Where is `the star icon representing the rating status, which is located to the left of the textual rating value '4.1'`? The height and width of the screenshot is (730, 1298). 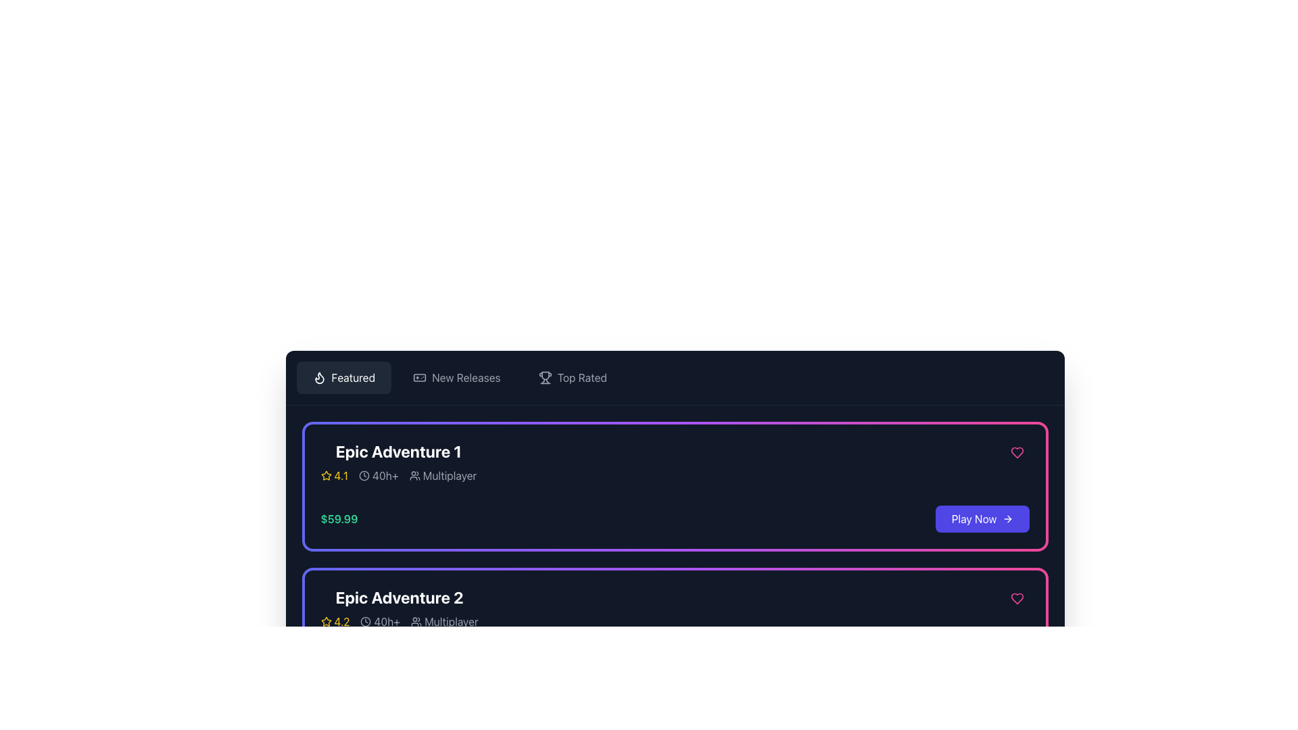
the star icon representing the rating status, which is located to the left of the textual rating value '4.1' is located at coordinates (326, 475).